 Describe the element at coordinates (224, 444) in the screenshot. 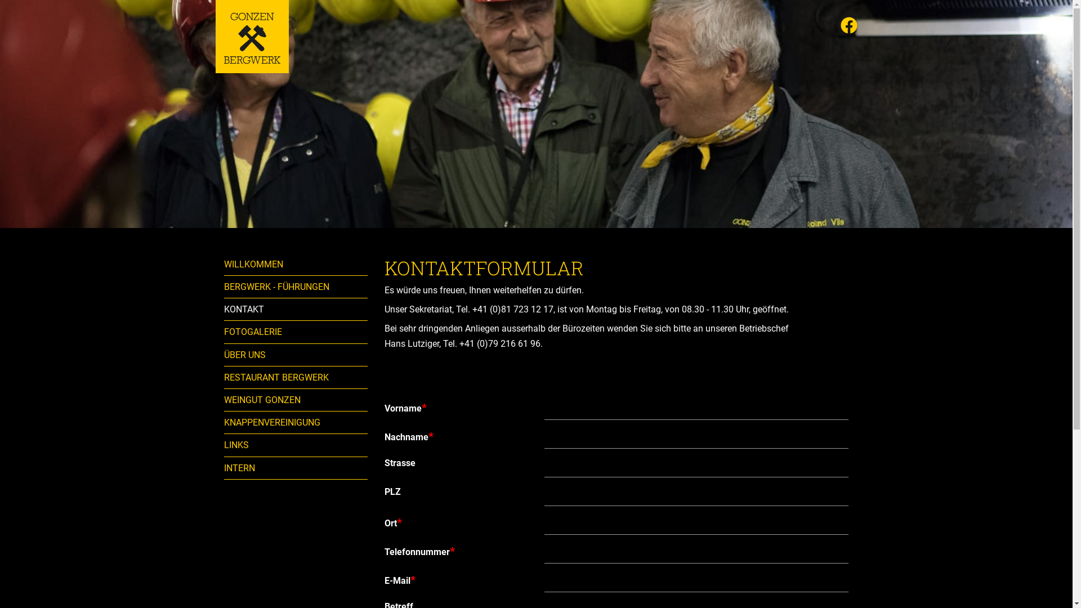

I see `'LINKS'` at that location.